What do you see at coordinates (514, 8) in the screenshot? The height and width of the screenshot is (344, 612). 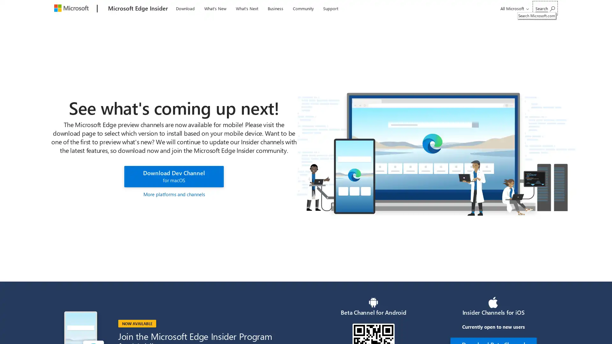 I see `All Microsoft expand to see list of Microsoft products and services` at bounding box center [514, 8].